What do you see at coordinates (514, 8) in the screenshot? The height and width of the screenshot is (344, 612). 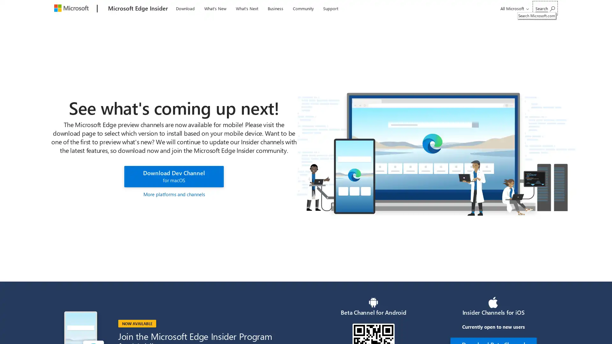 I see `All Microsoft expand to see list of Microsoft products and services` at bounding box center [514, 8].